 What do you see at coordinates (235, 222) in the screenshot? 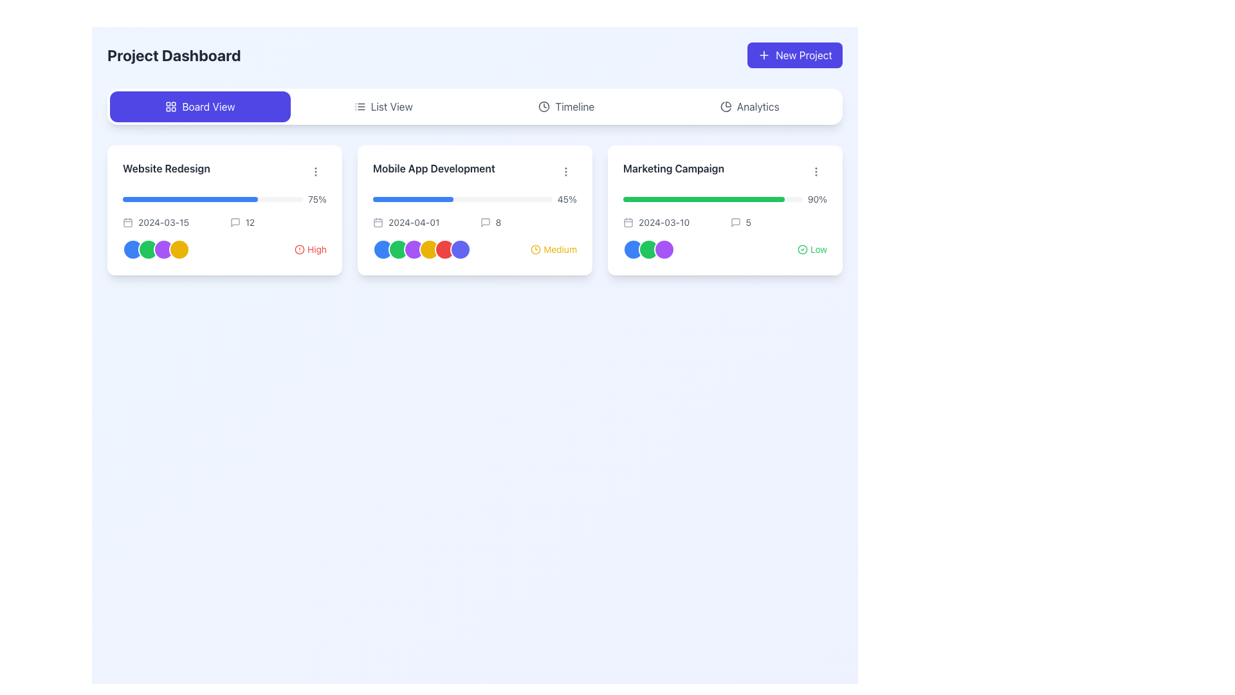
I see `the inactive text bubble icon with a gray outline, which is located to the left of the number '12' in a card layout under the 'Website Redesign' heading` at bounding box center [235, 222].